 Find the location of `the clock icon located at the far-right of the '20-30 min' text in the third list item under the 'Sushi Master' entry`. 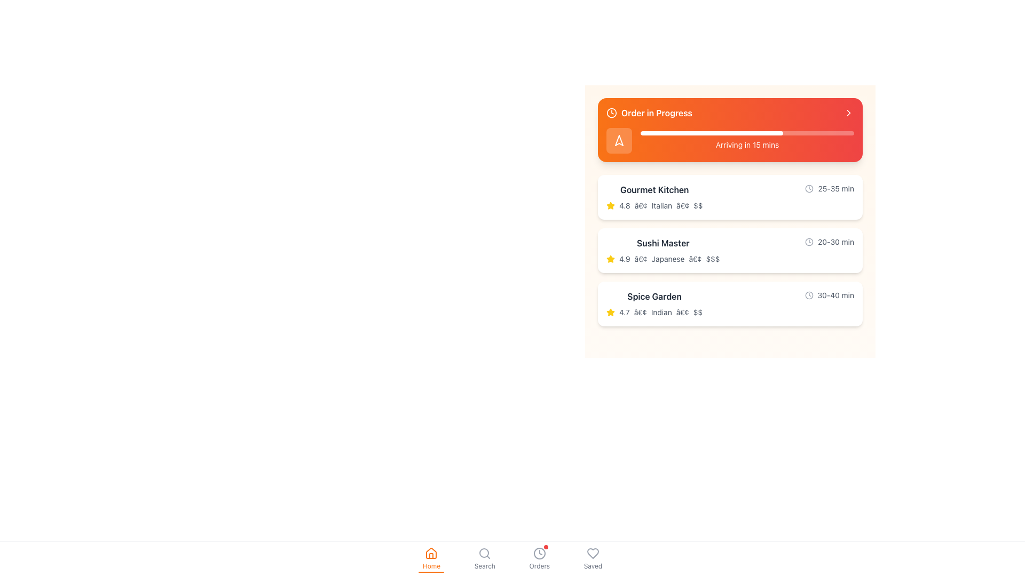

the clock icon located at the far-right of the '20-30 min' text in the third list item under the 'Sushi Master' entry is located at coordinates (809, 242).